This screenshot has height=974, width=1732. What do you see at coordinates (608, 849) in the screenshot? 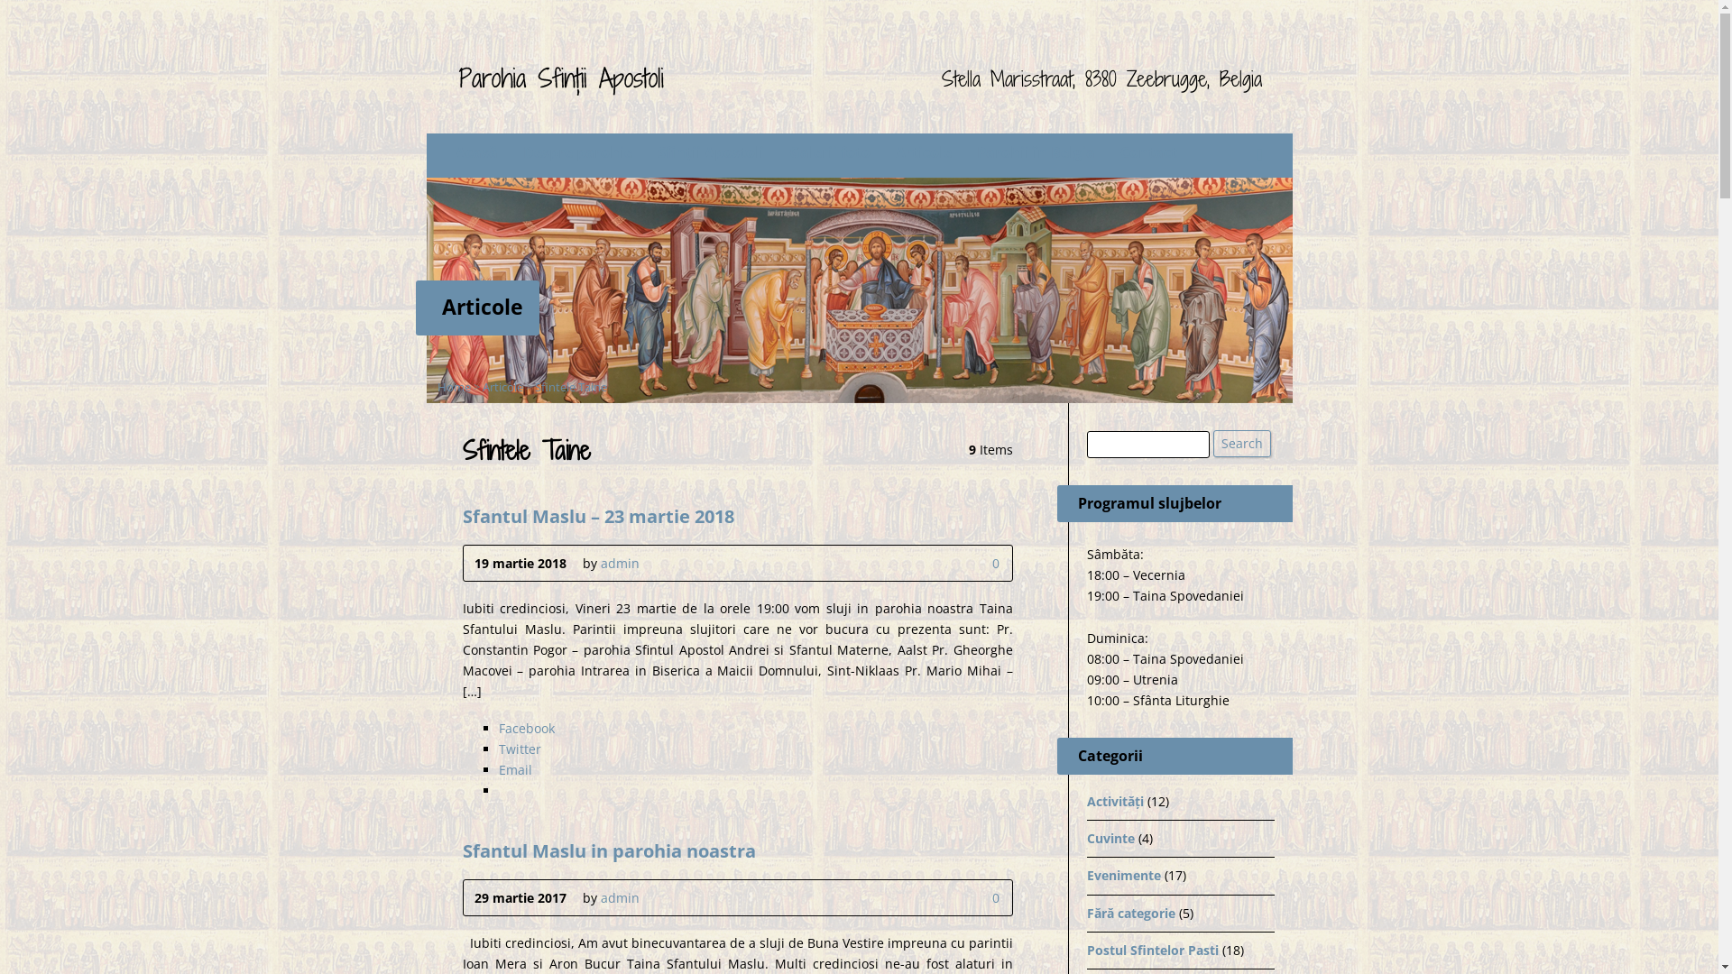
I see `'Sfantul Maslu in parohia noastra'` at bounding box center [608, 849].